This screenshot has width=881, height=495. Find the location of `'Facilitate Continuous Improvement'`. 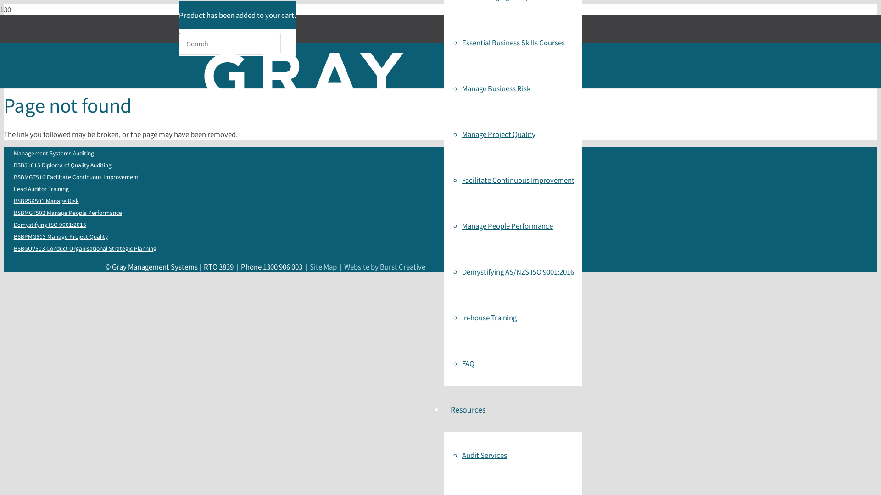

'Facilitate Continuous Improvement' is located at coordinates (518, 180).